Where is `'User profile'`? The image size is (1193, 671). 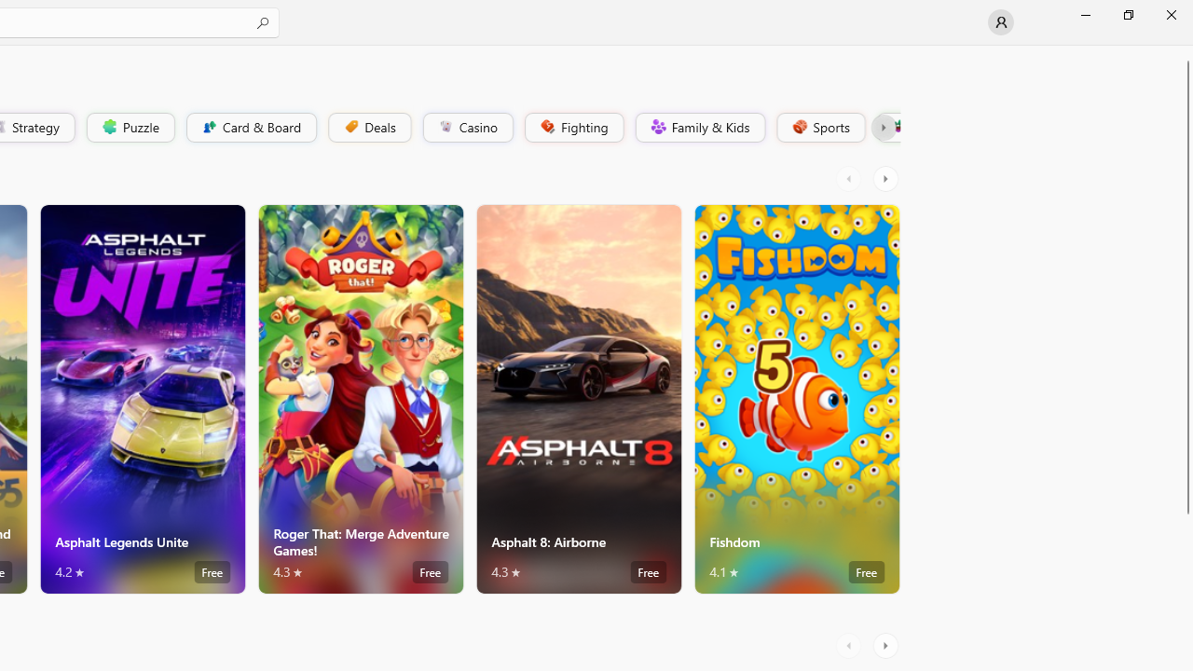 'User profile' is located at coordinates (999, 22).